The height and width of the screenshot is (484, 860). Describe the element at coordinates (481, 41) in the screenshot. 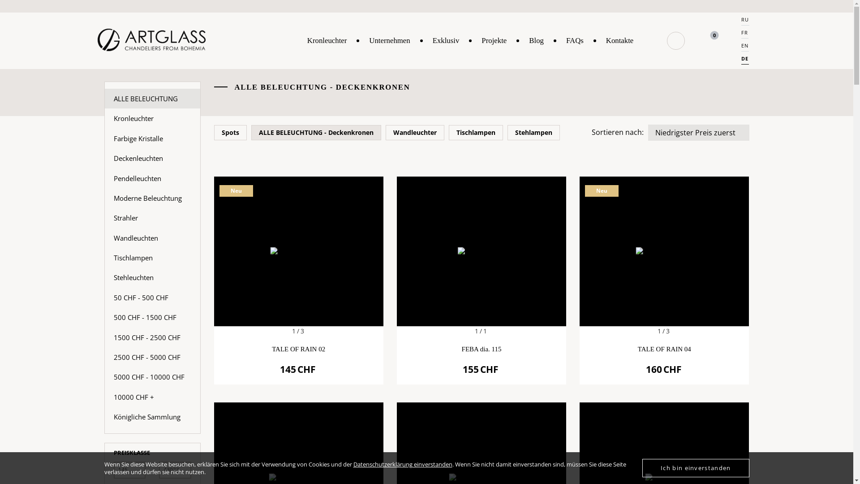

I see `'Projekte'` at that location.